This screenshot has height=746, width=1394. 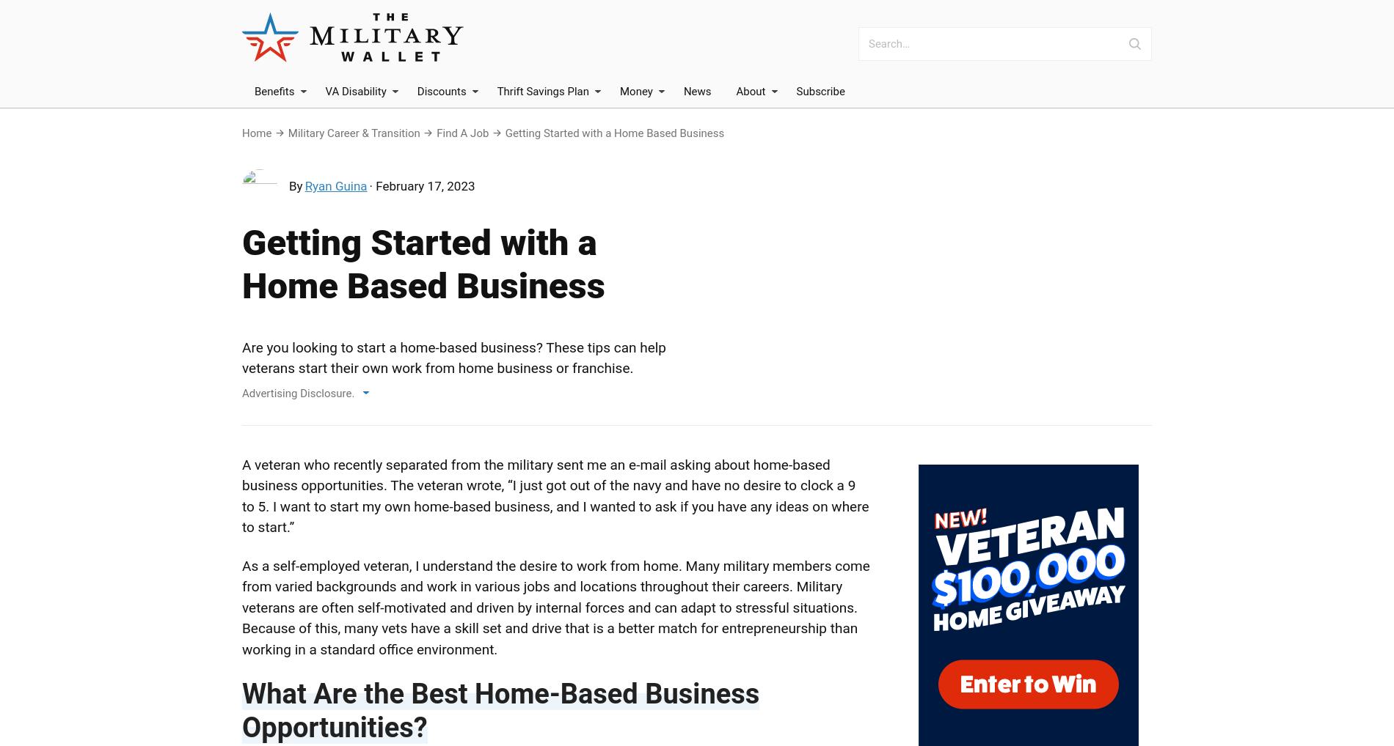 What do you see at coordinates (241, 133) in the screenshot?
I see `'Home'` at bounding box center [241, 133].